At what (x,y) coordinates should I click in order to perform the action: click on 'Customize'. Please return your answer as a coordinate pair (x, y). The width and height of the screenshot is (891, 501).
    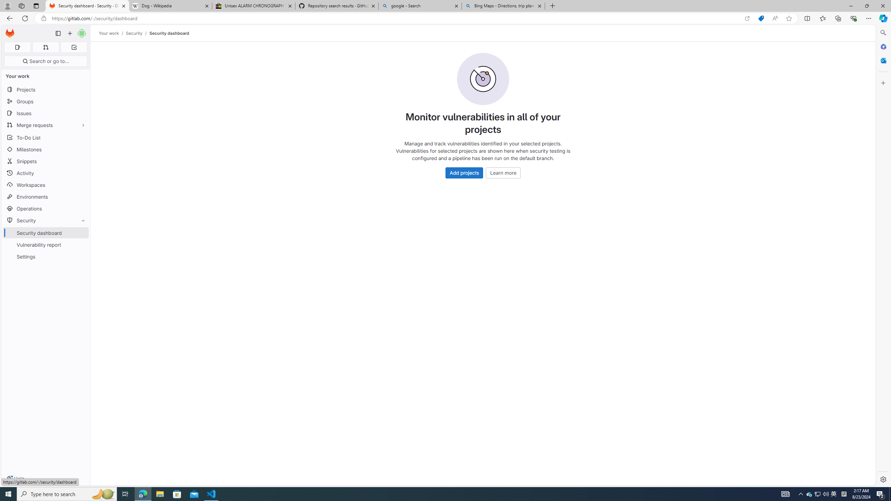
    Looking at the image, I should click on (882, 82).